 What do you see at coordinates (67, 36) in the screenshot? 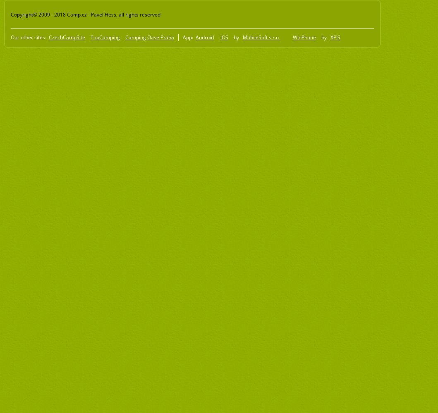
I see `'CzechCampSite'` at bounding box center [67, 36].